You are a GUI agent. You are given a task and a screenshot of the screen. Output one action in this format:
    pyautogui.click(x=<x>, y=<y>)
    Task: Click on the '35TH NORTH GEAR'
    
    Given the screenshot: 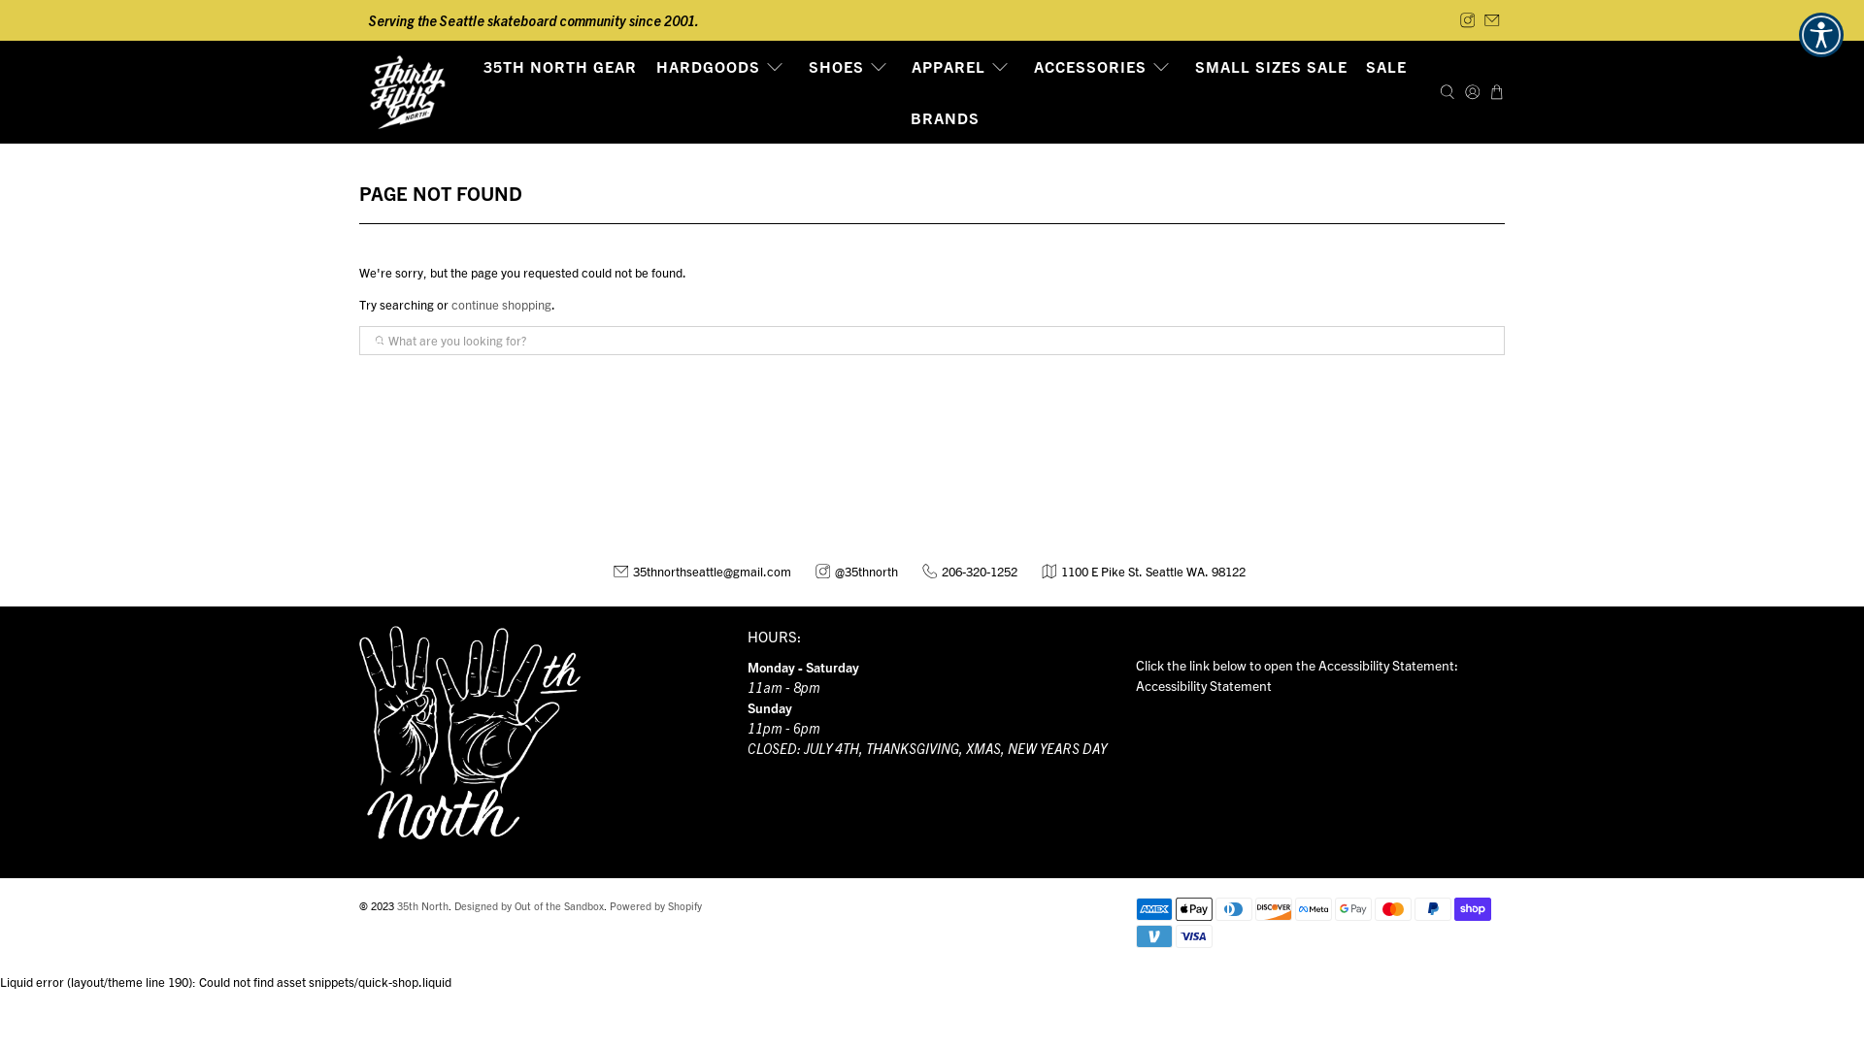 What is the action you would take?
    pyautogui.click(x=559, y=66)
    